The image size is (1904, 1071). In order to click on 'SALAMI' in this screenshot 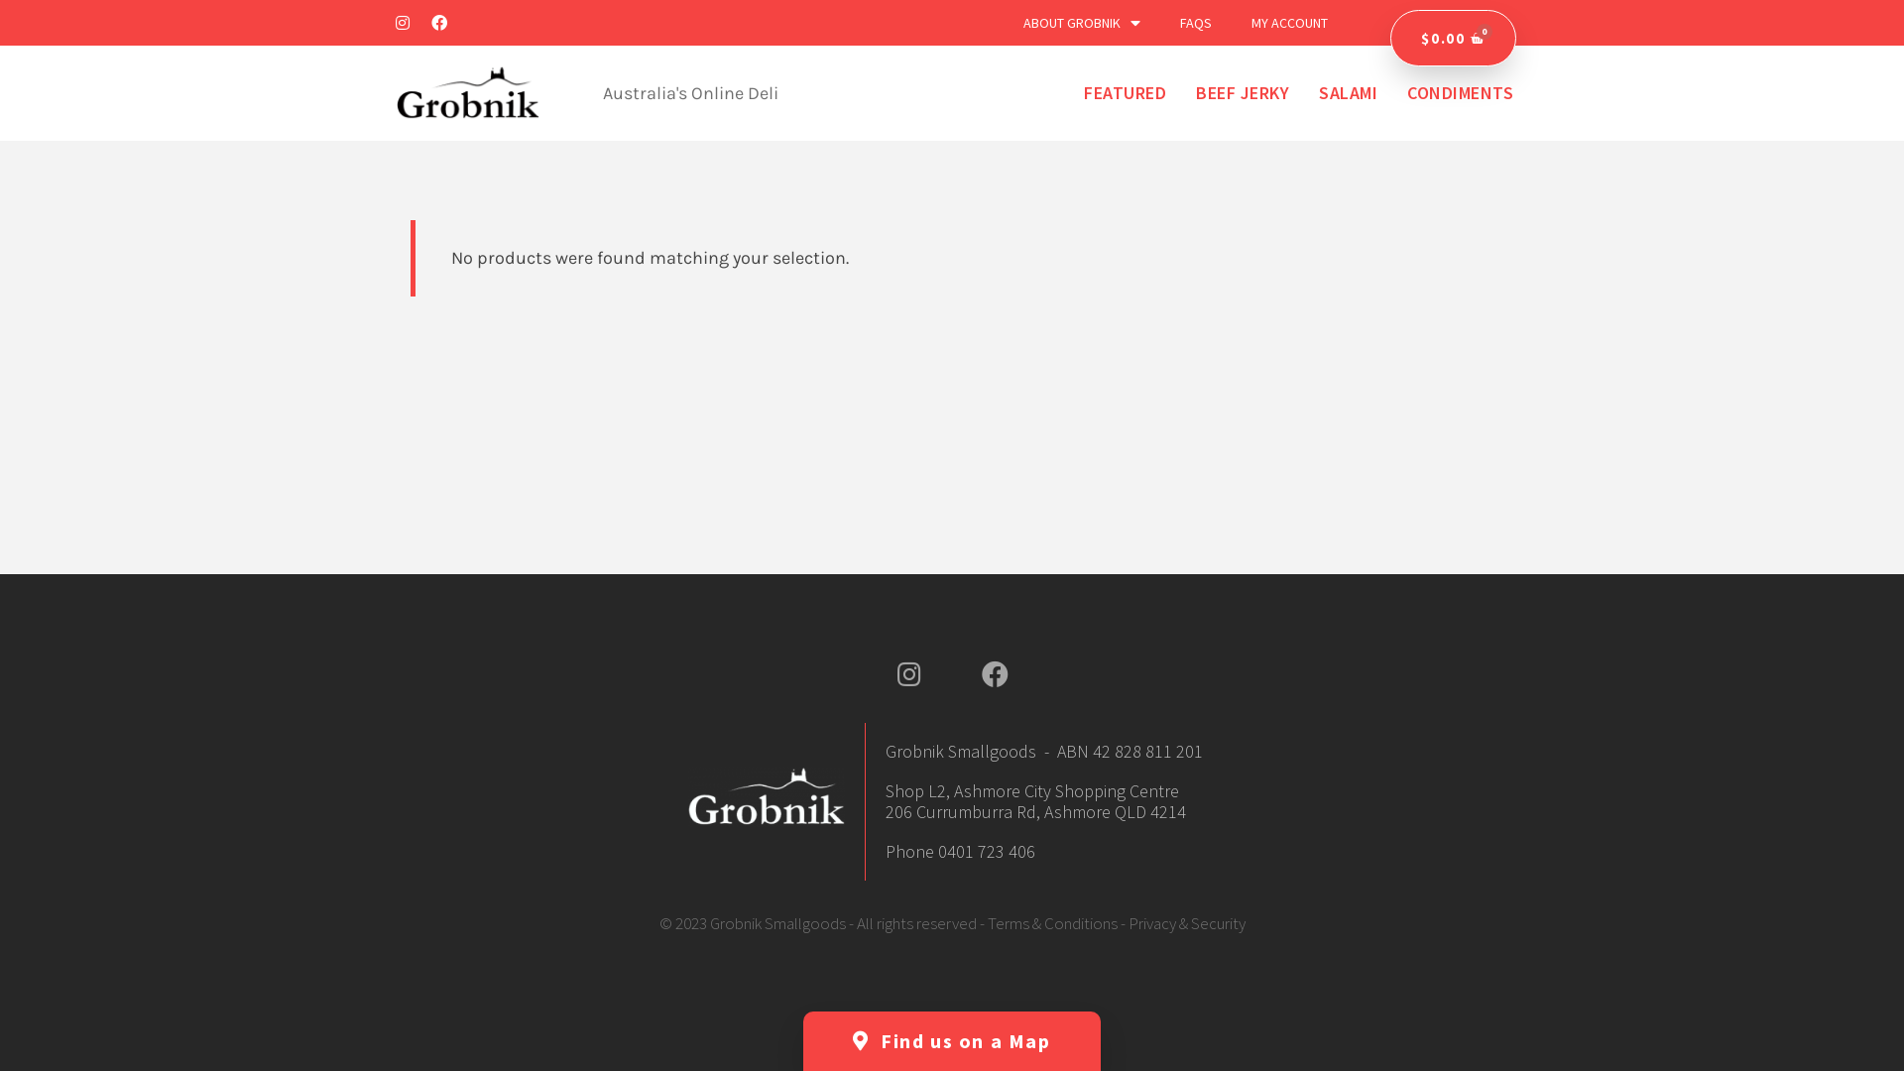, I will do `click(1348, 92)`.